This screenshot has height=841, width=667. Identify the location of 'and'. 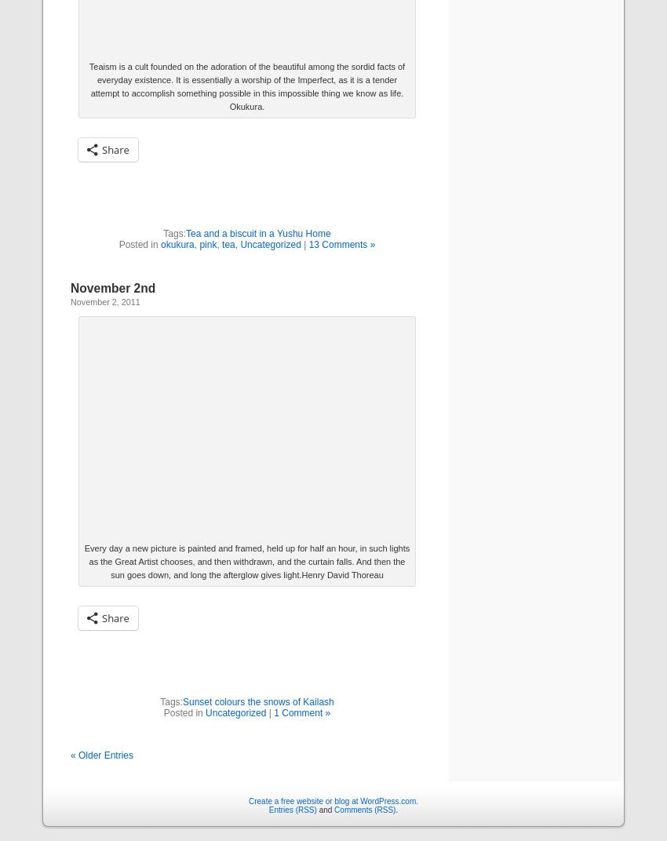
(325, 809).